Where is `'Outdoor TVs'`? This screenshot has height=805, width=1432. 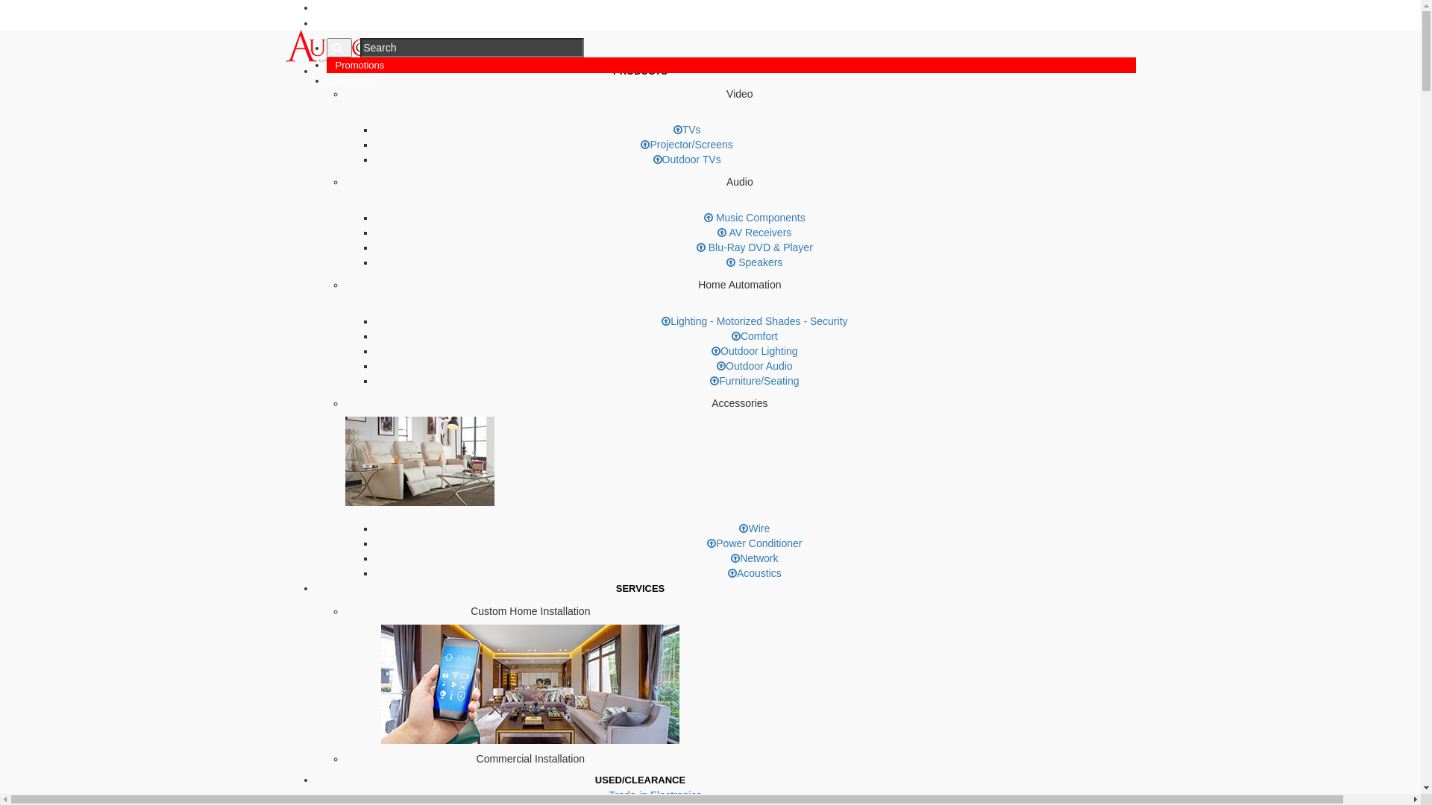 'Outdoor TVs' is located at coordinates (686, 159).